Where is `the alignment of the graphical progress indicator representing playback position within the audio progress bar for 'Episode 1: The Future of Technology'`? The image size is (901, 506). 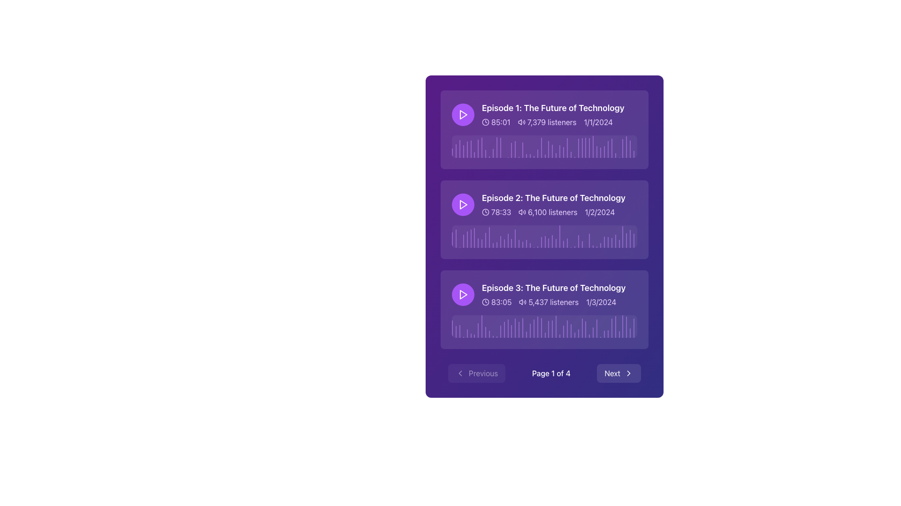
the alignment of the graphical progress indicator representing playback position within the audio progress bar for 'Episode 1: The Future of Technology' is located at coordinates (566, 148).